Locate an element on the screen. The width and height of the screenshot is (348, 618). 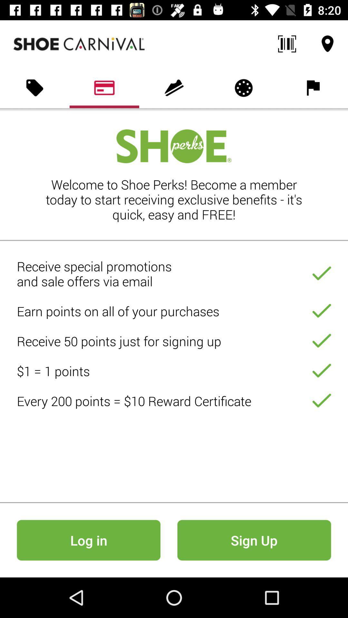
sign up is located at coordinates (254, 540).